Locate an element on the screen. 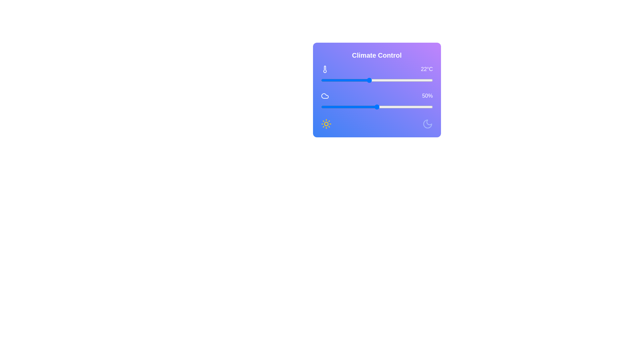  the slider is located at coordinates (401, 106).